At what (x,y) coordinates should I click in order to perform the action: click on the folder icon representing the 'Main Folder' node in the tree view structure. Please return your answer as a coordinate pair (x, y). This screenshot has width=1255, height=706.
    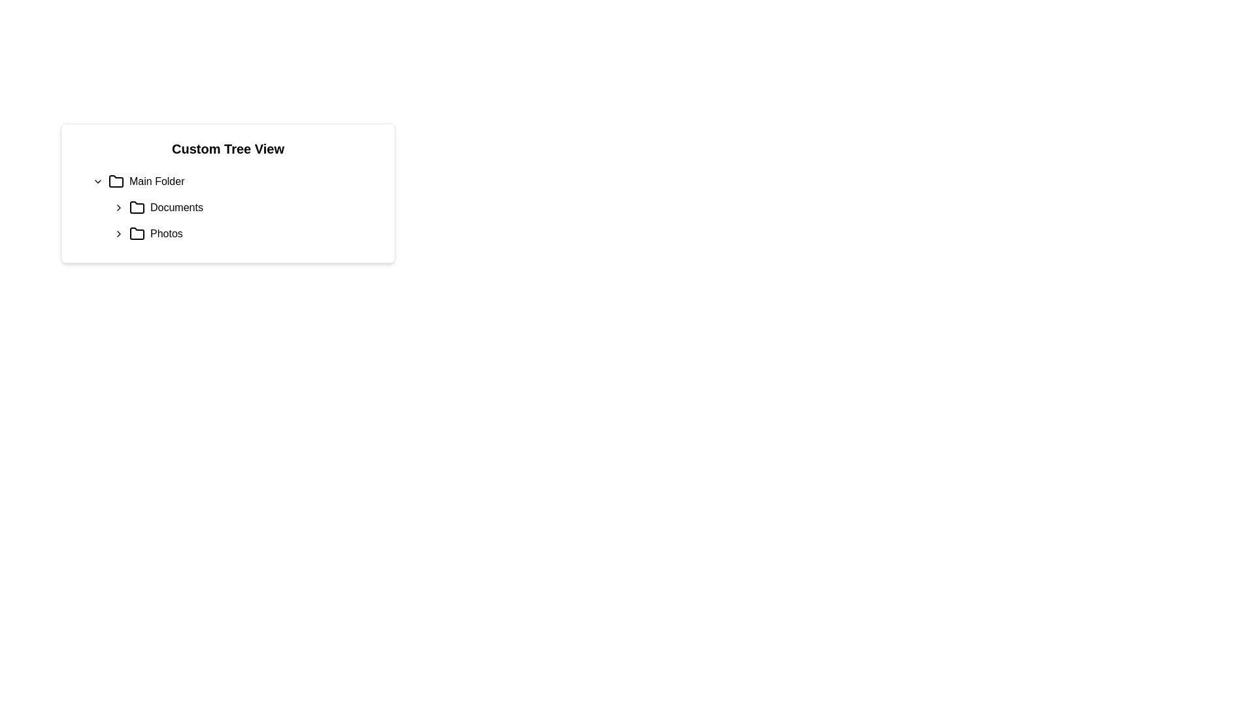
    Looking at the image, I should click on (116, 181).